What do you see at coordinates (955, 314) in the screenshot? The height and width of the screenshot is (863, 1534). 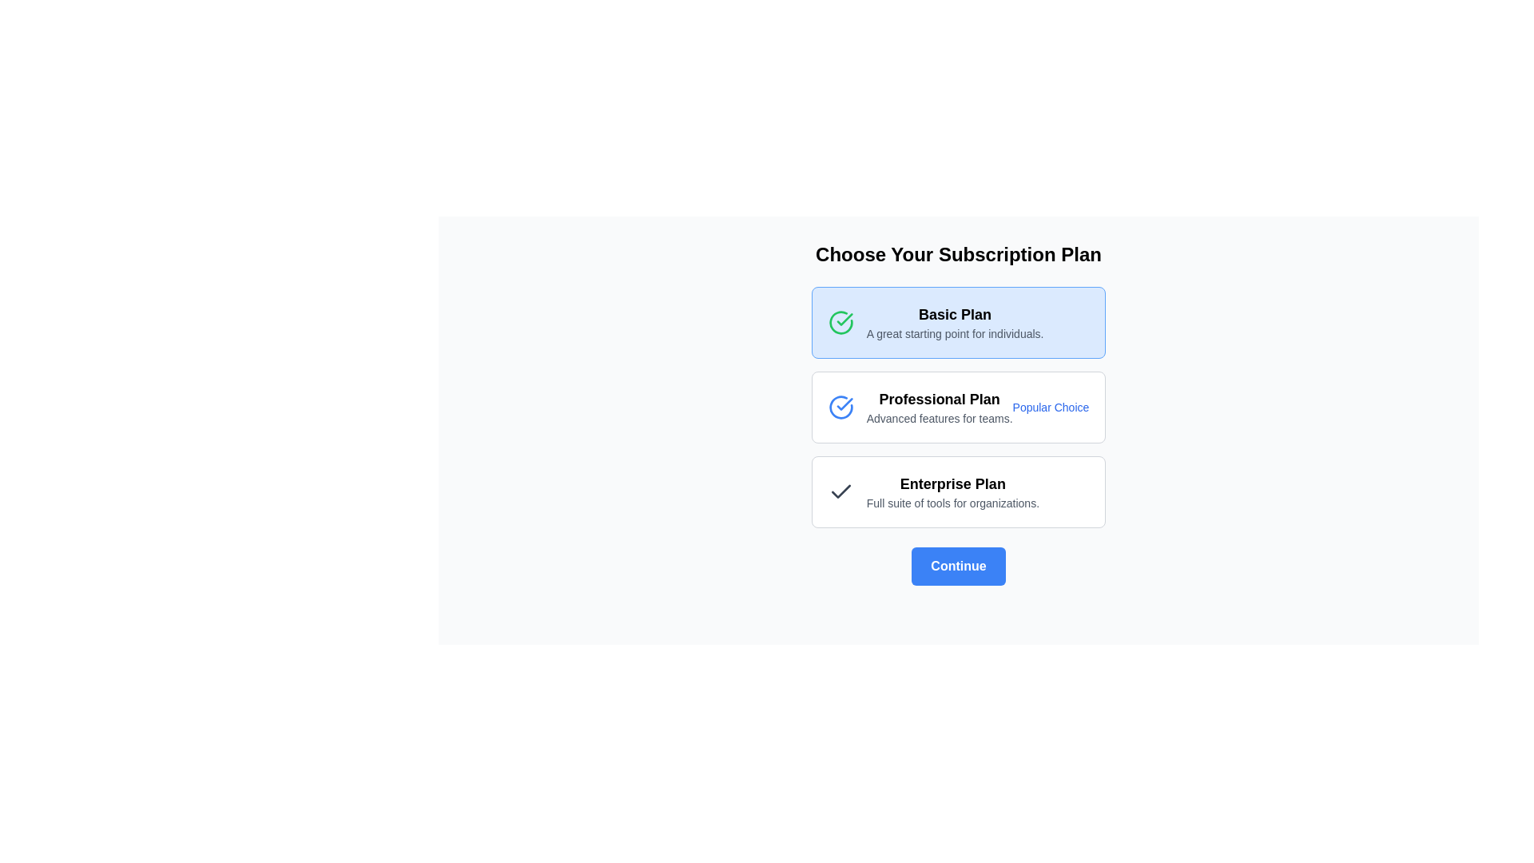 I see `the 'Basic Plan' text label, which is styled prominently in bold black font and is located at the top-left of the 'Basic Plan' card with a light blue background` at bounding box center [955, 314].